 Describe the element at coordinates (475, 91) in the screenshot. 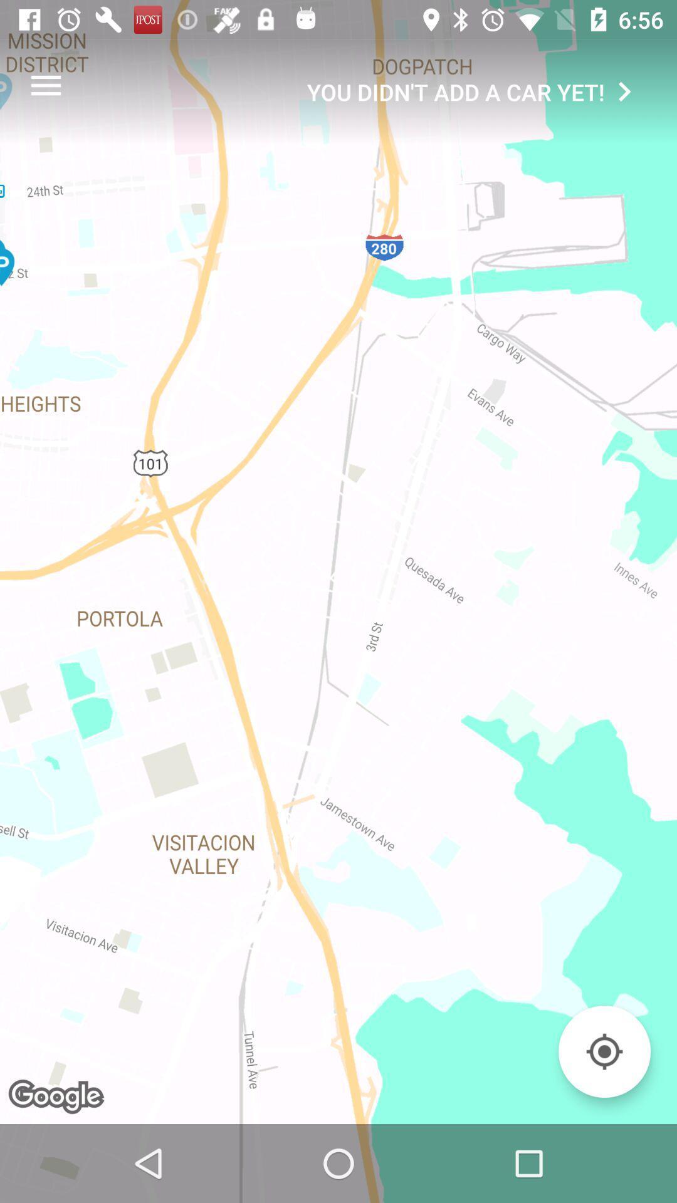

I see `item at the top right corner` at that location.